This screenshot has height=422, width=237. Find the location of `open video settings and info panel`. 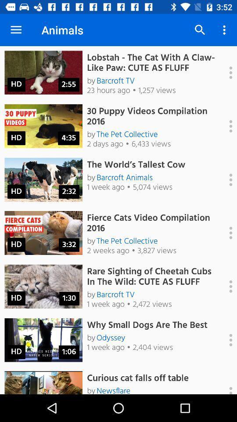

open video settings and info panel is located at coordinates (226, 382).